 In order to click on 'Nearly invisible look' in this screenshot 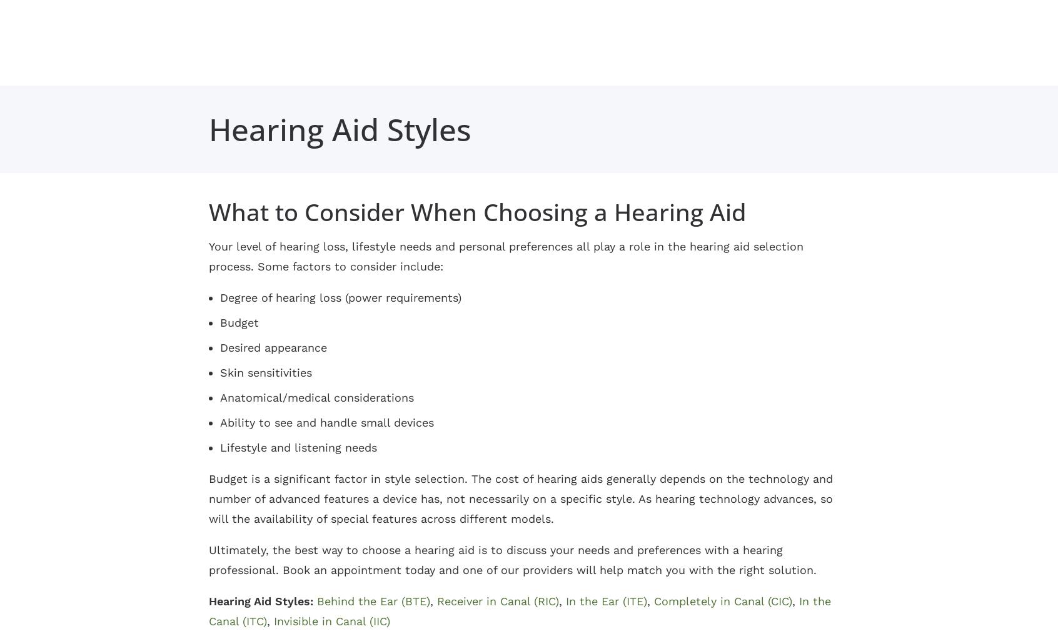, I will do `click(446, 518)`.